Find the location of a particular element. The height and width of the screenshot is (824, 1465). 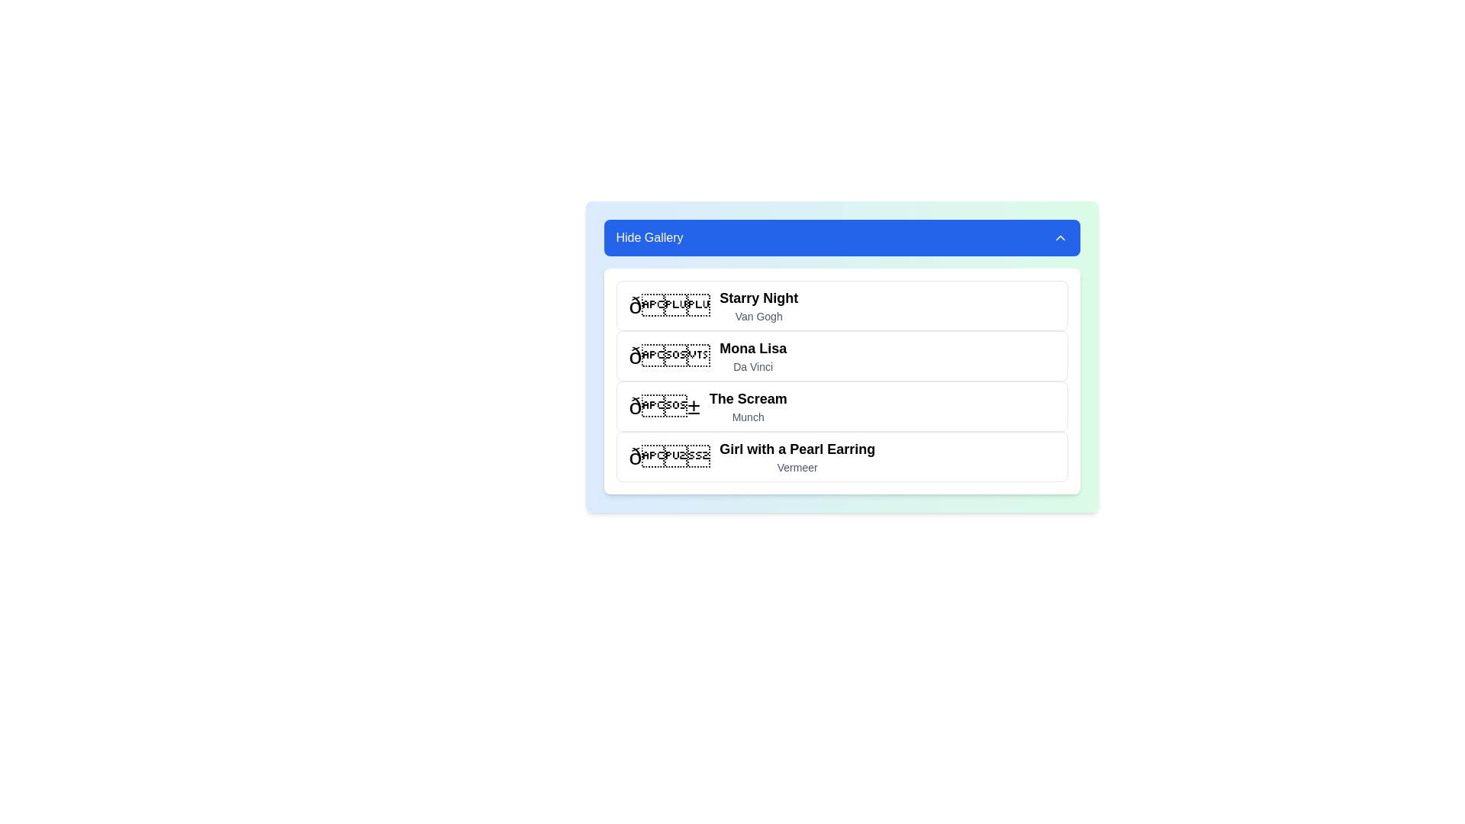

the selectable text label with icon for 'Girl with a Pearl Earring' is located at coordinates (752, 455).